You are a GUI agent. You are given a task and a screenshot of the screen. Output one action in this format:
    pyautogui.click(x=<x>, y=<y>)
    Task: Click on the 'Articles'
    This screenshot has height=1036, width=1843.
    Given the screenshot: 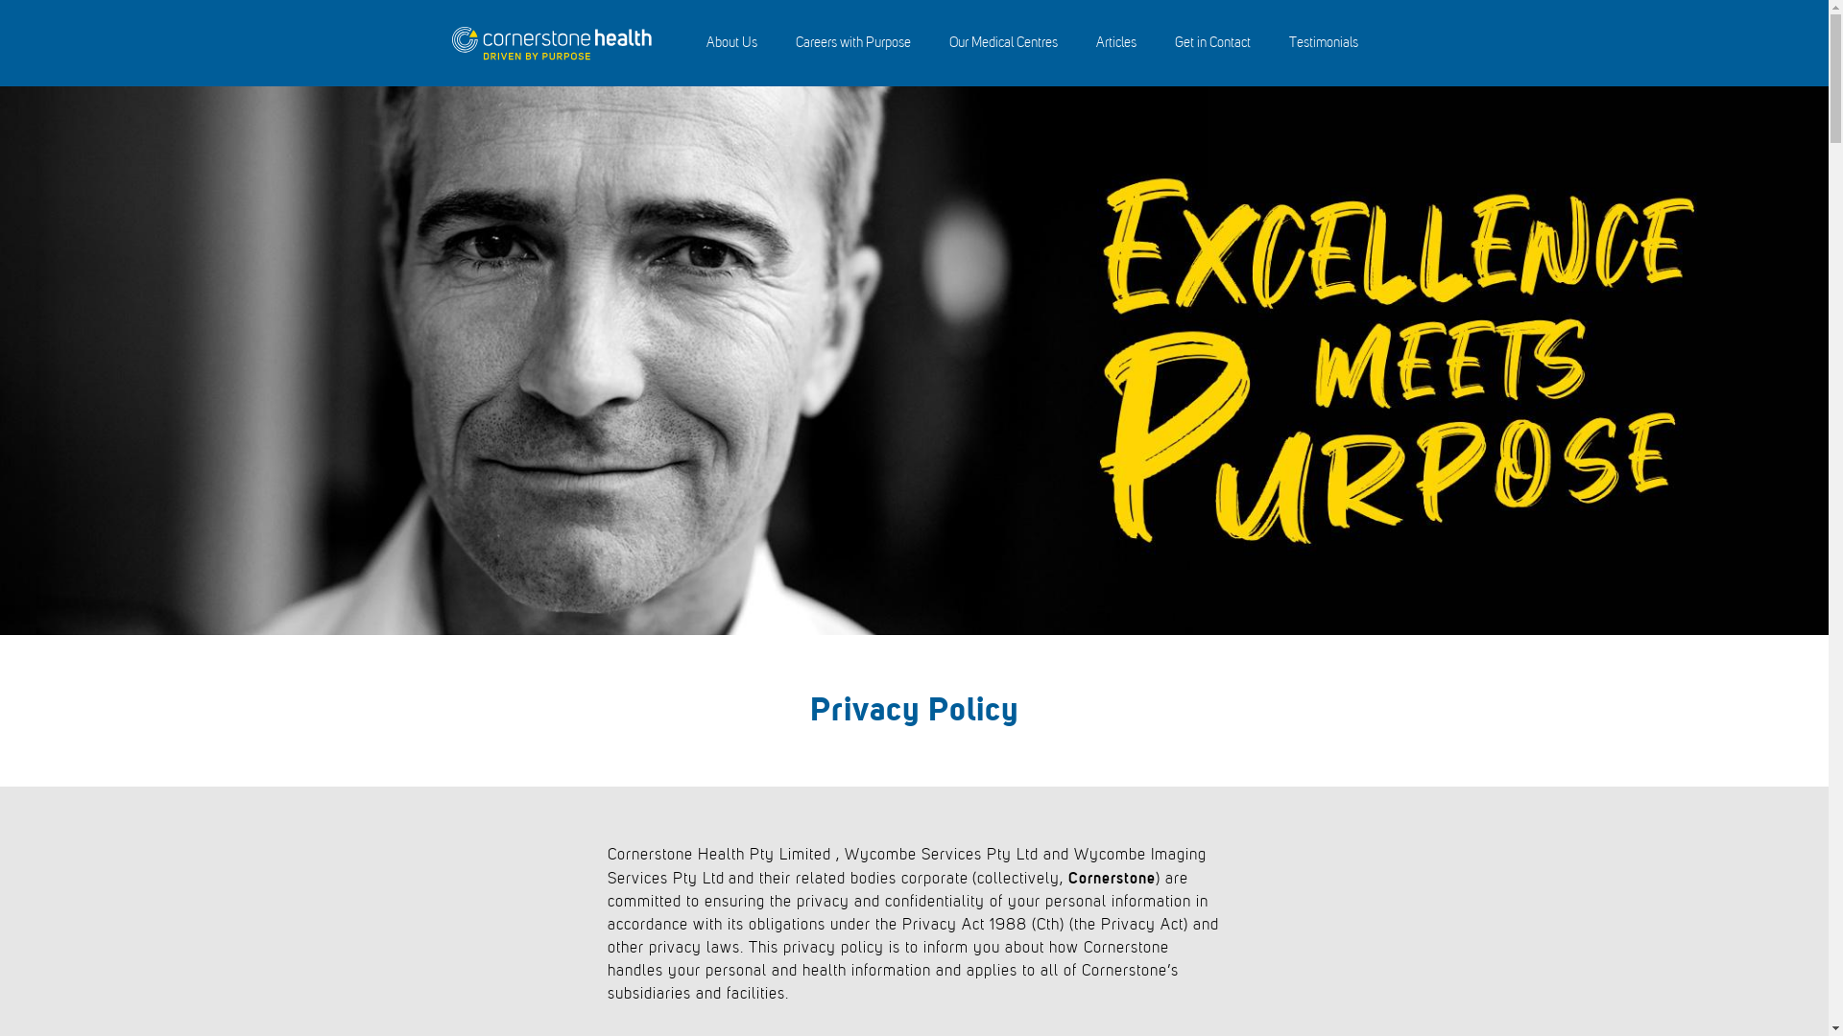 What is the action you would take?
    pyautogui.click(x=1115, y=43)
    